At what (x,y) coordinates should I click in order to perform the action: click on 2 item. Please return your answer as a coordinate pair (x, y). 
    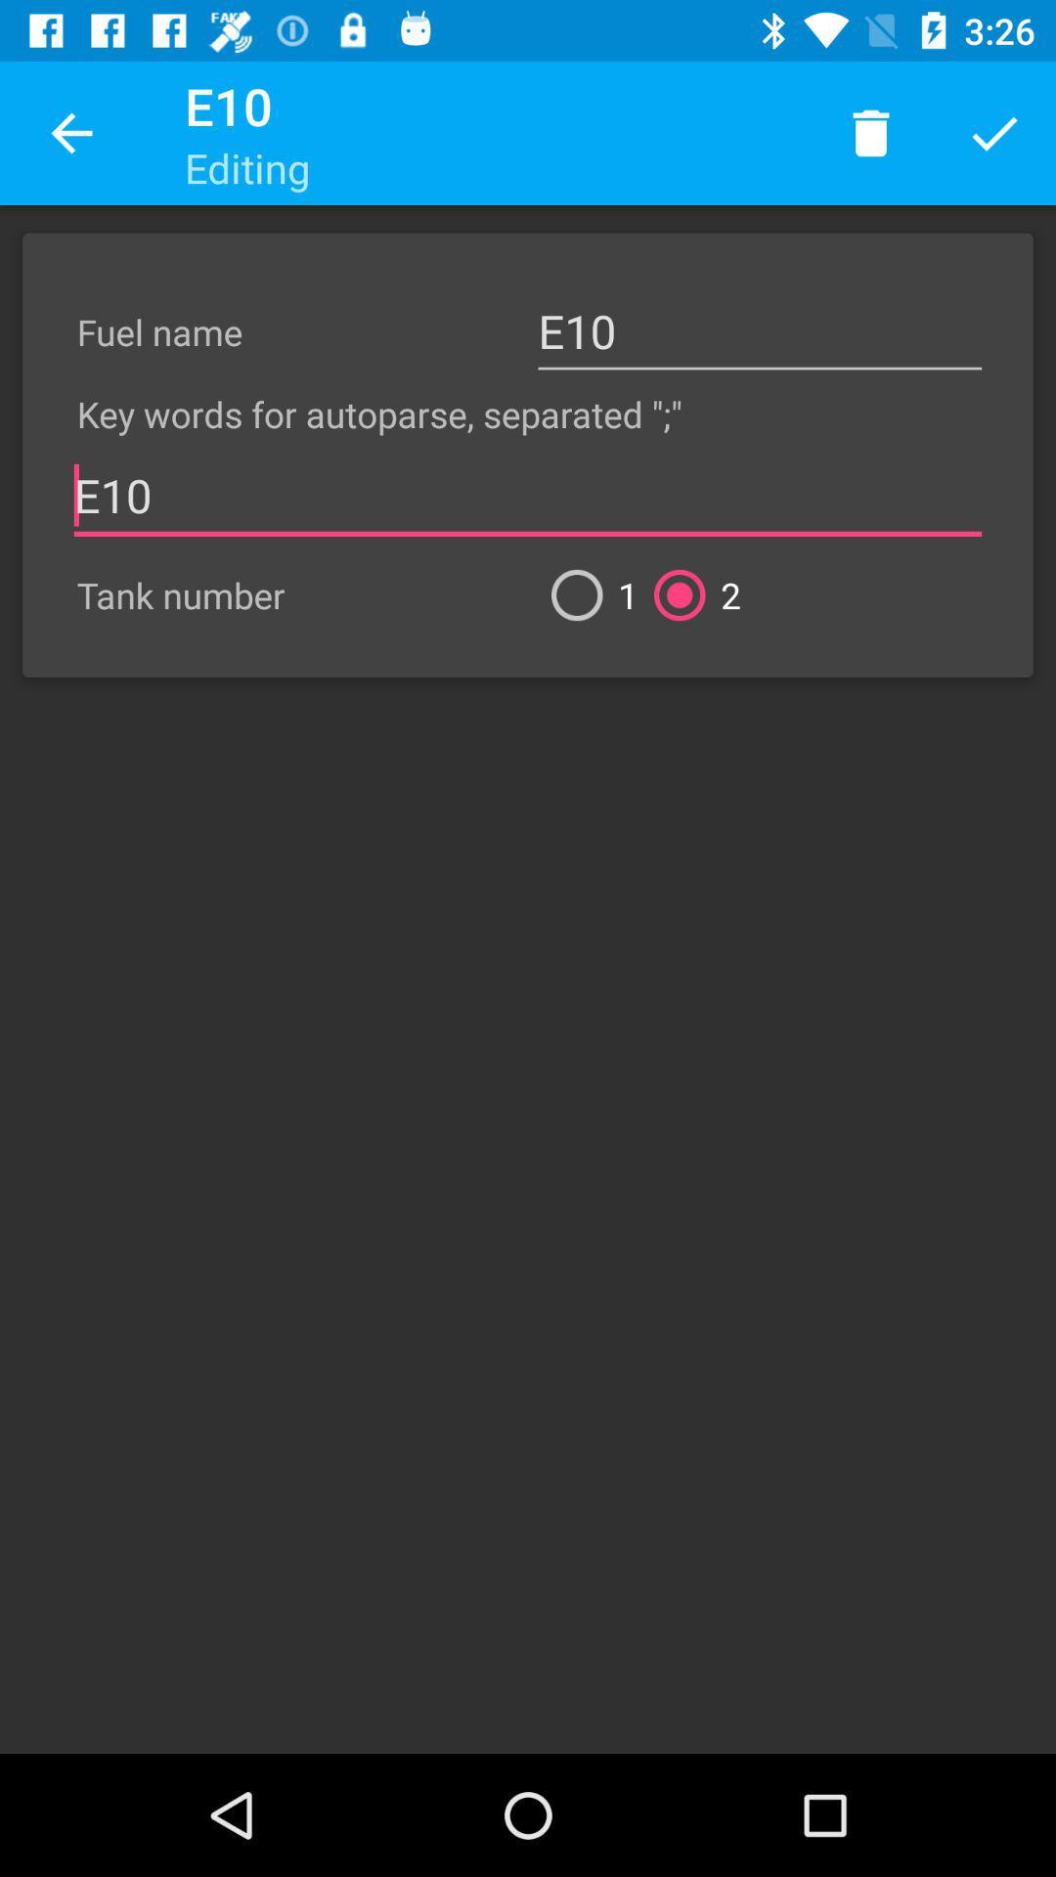
    Looking at the image, I should click on (688, 594).